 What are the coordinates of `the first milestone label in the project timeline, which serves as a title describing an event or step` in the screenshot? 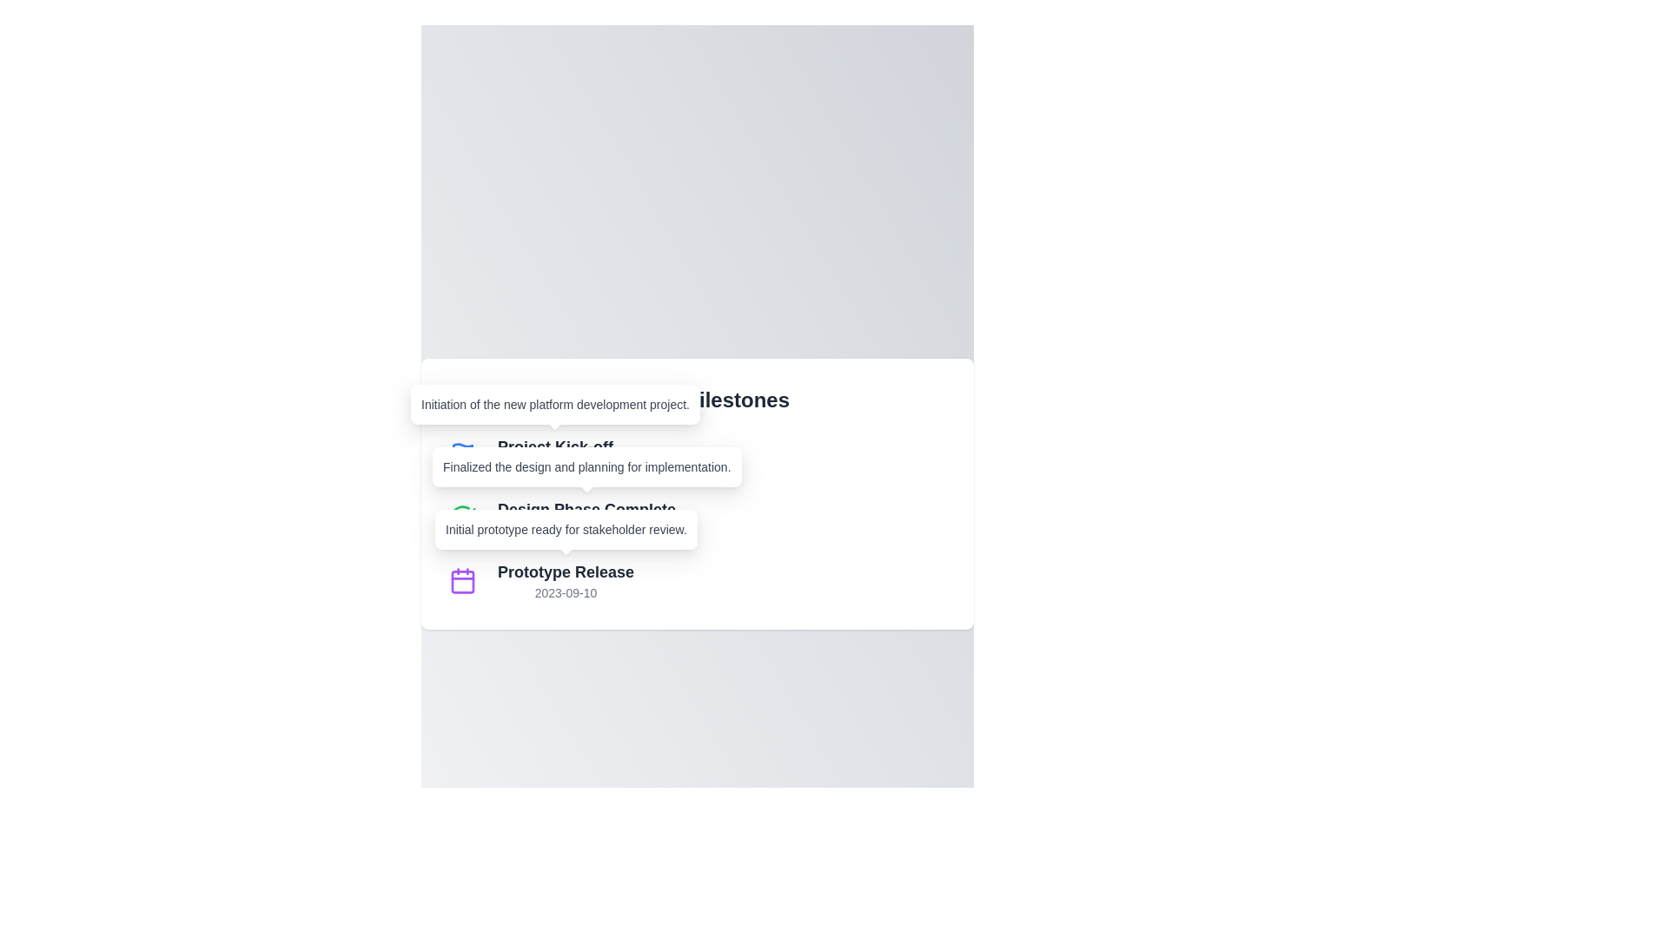 It's located at (554, 446).